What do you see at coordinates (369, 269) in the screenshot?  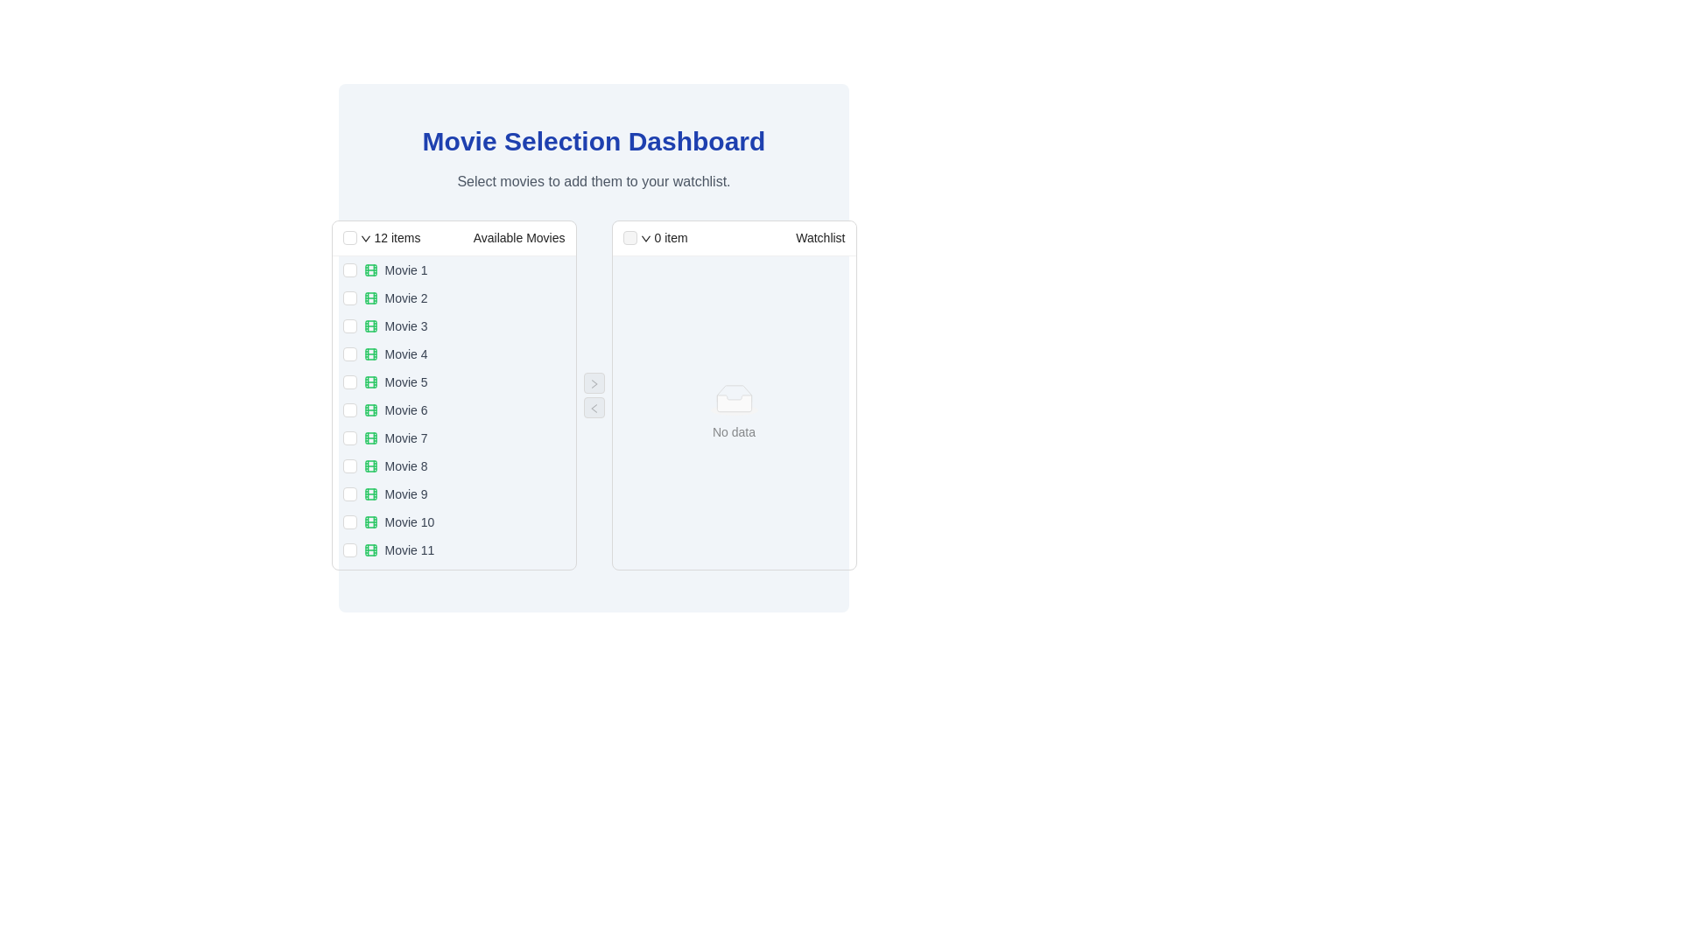 I see `the movie entry icon located to the left of the text label for 'Movie 1', which serves as a visual indicator in the movie list` at bounding box center [369, 269].